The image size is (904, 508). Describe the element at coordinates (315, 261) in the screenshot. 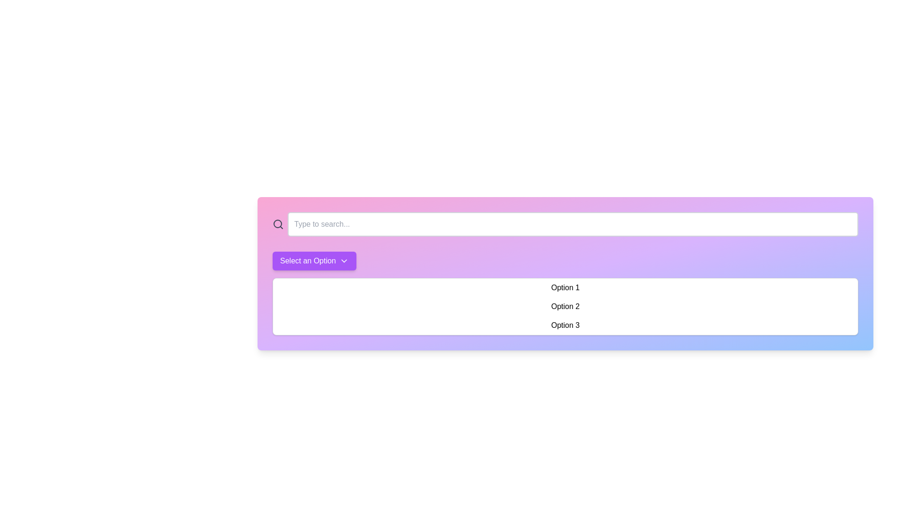

I see `the 'Select an Option' button, which has a purple background and a drop-down indicator` at that location.